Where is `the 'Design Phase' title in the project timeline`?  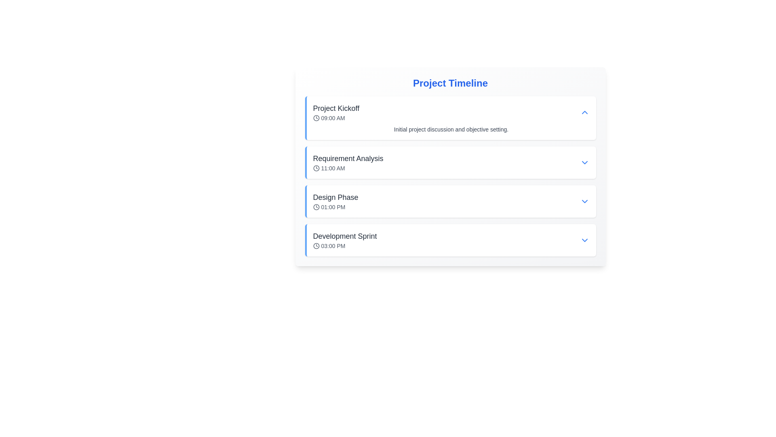
the 'Design Phase' title in the project timeline is located at coordinates (451, 201).